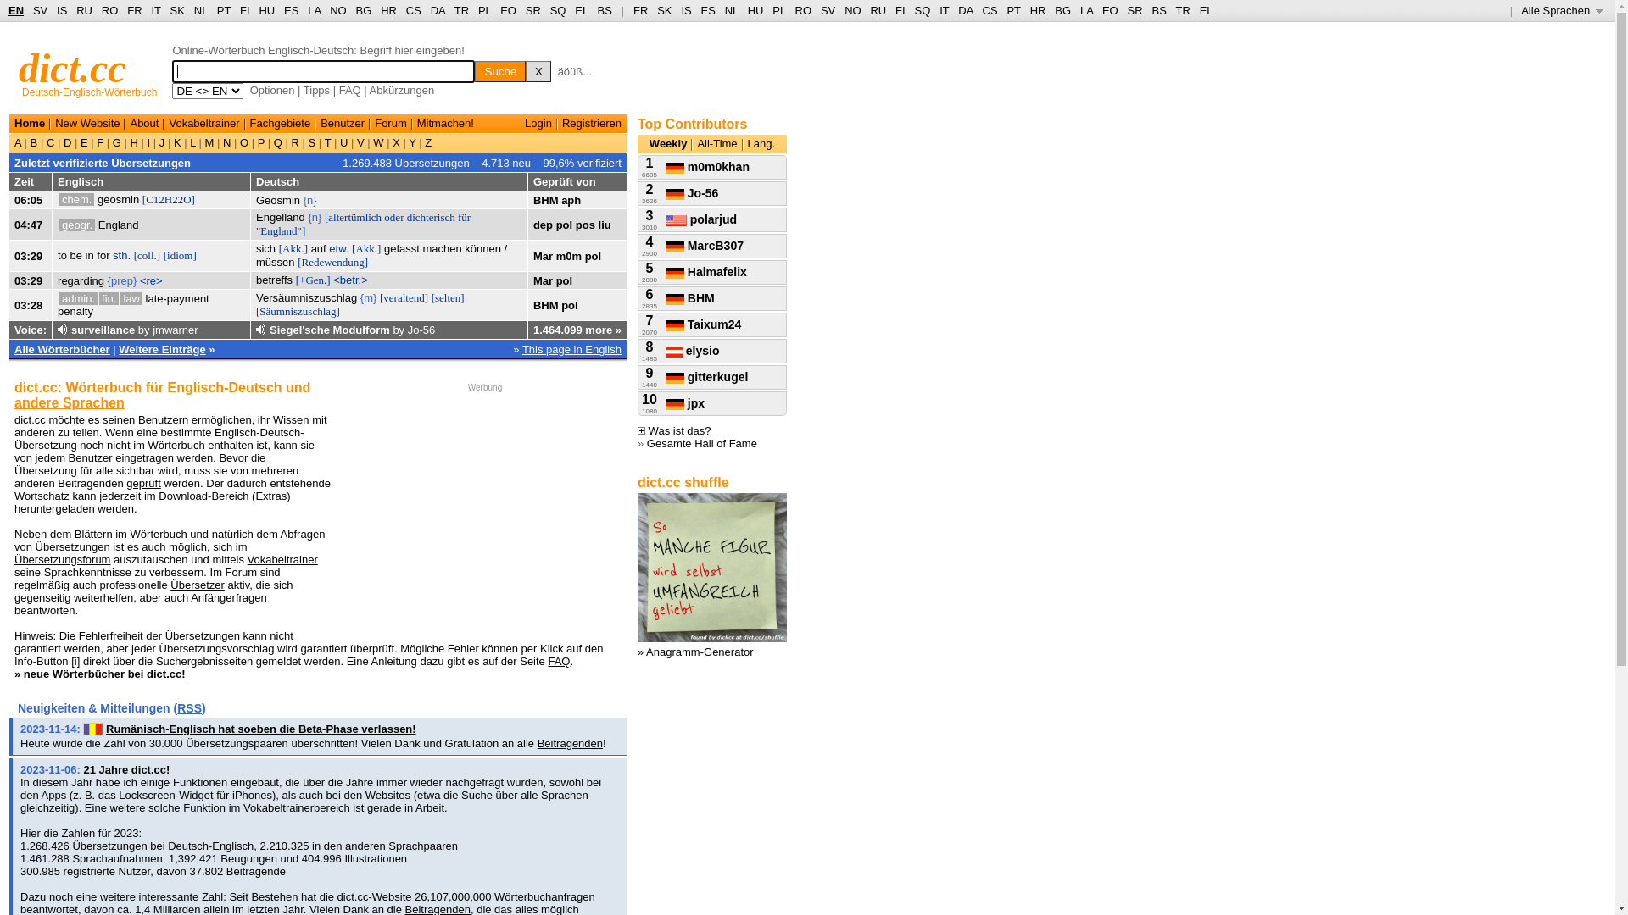  I want to click on 'Registrieren', so click(591, 122).